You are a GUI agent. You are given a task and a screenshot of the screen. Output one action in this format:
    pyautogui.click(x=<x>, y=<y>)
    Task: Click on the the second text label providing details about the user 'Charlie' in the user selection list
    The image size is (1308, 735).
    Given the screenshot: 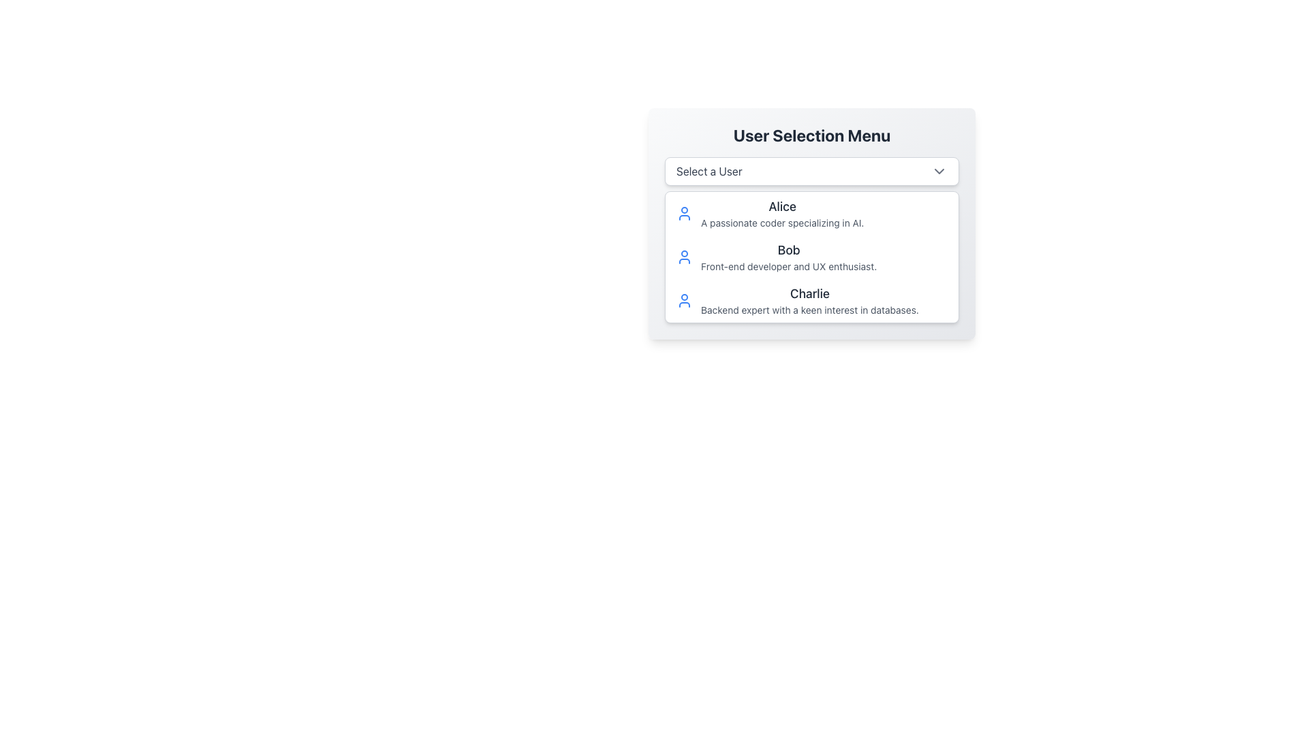 What is the action you would take?
    pyautogui.click(x=809, y=310)
    